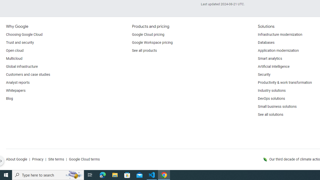  I want to click on 'Blog', so click(9, 98).